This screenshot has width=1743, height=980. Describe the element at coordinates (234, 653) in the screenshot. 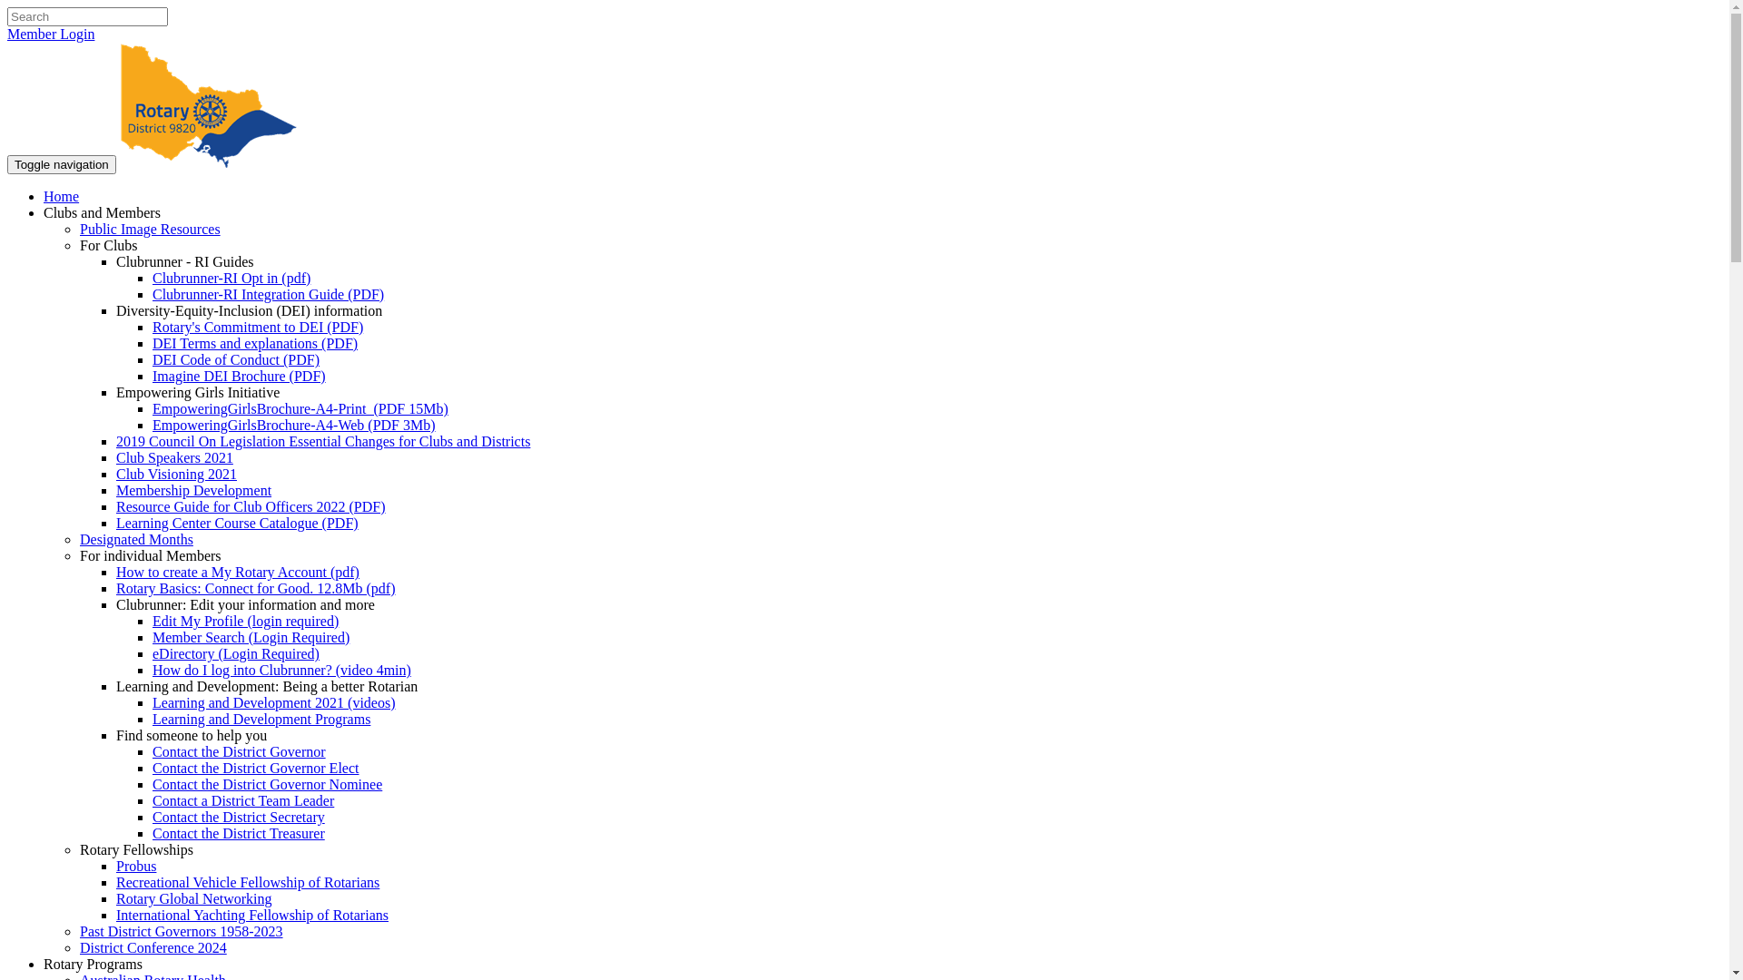

I see `'eDirectory (Login Required)'` at that location.